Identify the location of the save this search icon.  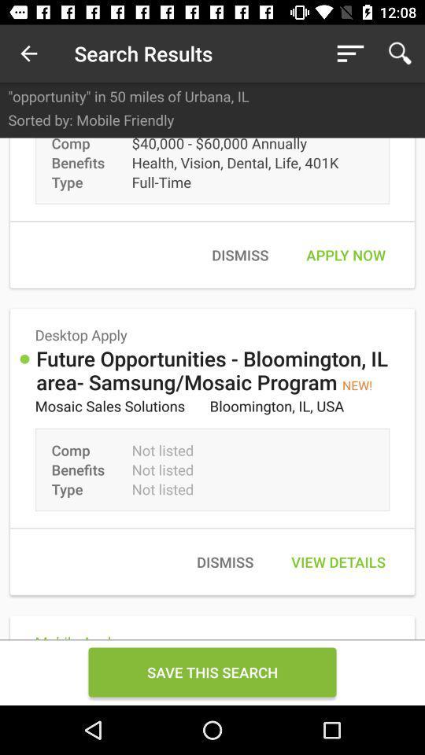
(213, 671).